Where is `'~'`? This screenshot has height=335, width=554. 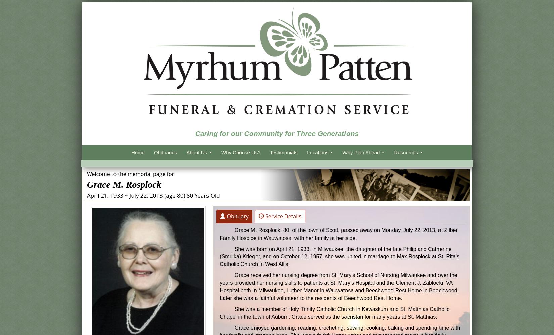 '~' is located at coordinates (126, 195).